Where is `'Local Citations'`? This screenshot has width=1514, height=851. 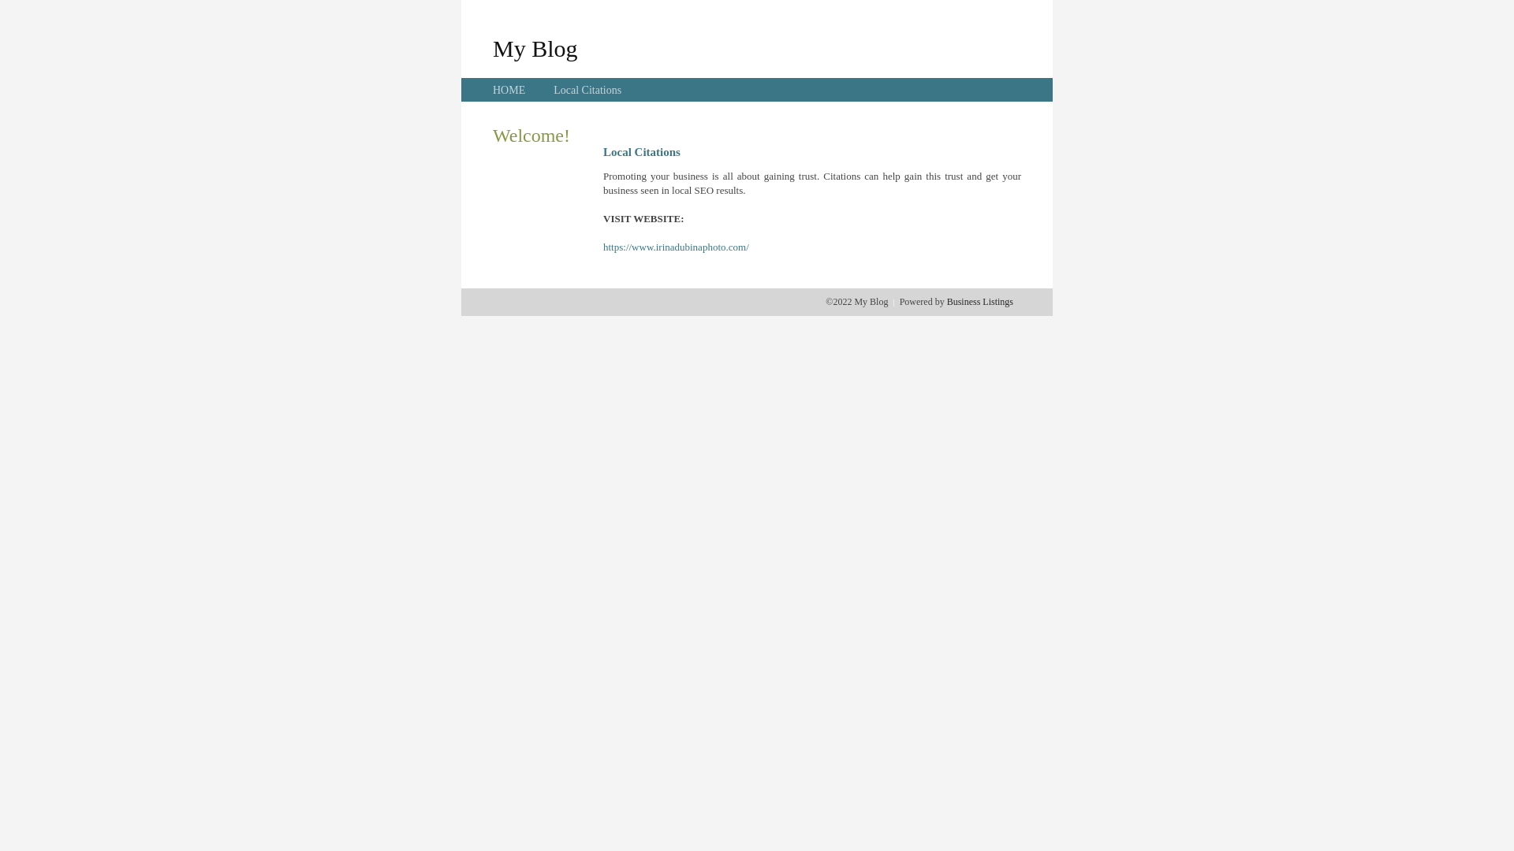 'Local Citations' is located at coordinates (586, 90).